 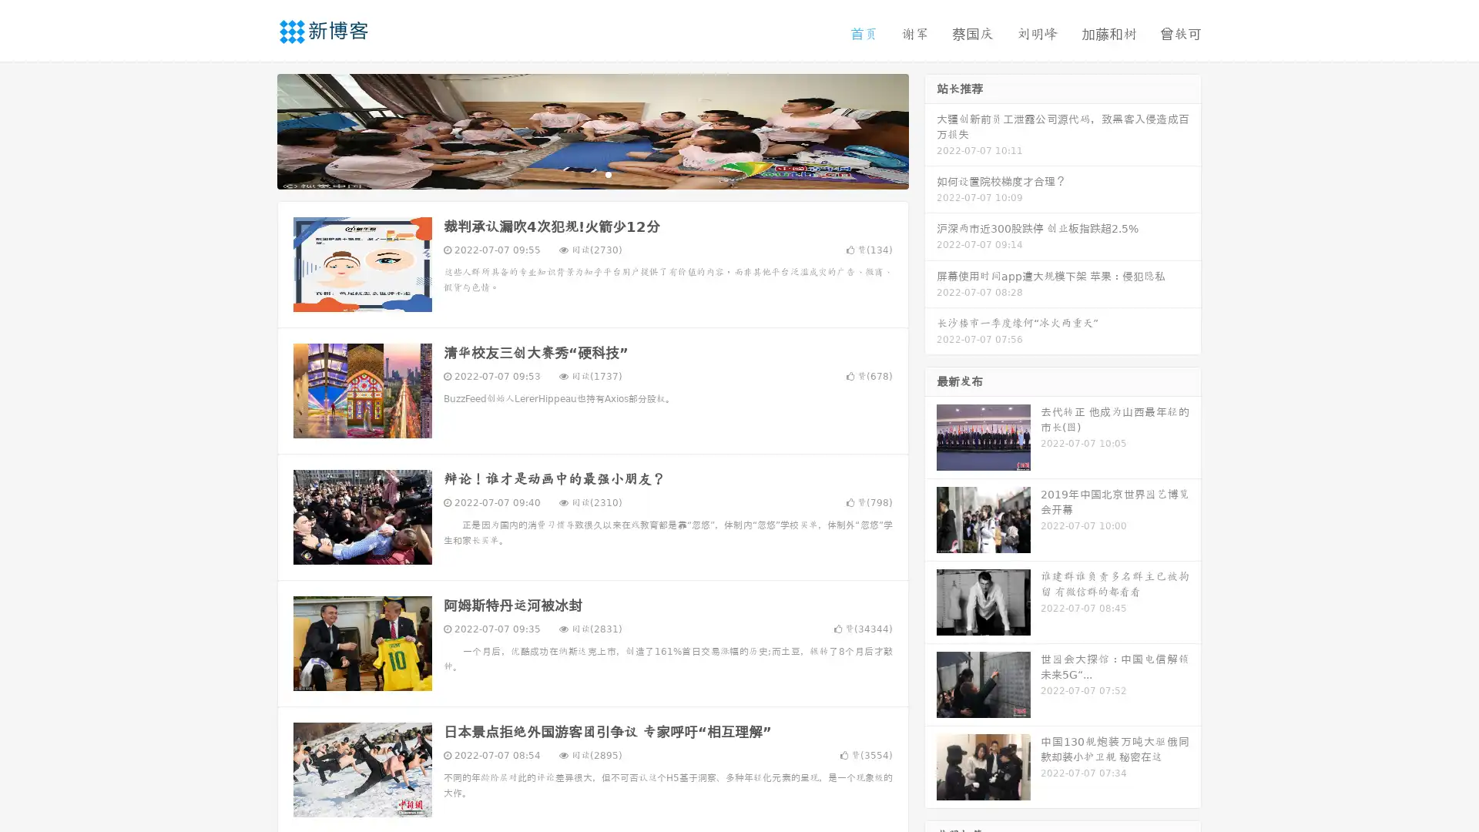 What do you see at coordinates (576, 173) in the screenshot?
I see `Go to slide 1` at bounding box center [576, 173].